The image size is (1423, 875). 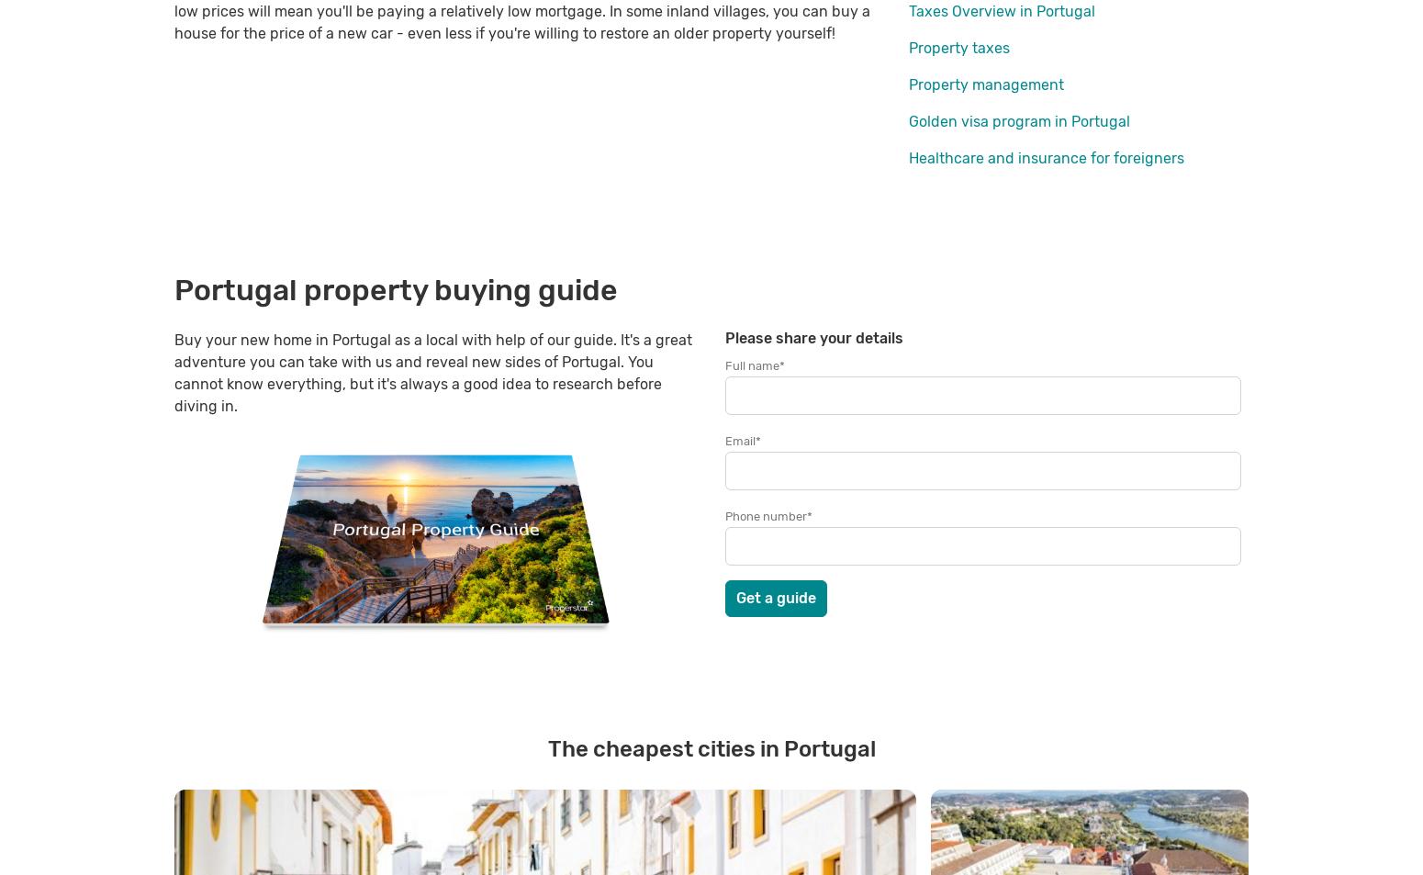 What do you see at coordinates (1018, 120) in the screenshot?
I see `'Golden visa program in Portugal'` at bounding box center [1018, 120].